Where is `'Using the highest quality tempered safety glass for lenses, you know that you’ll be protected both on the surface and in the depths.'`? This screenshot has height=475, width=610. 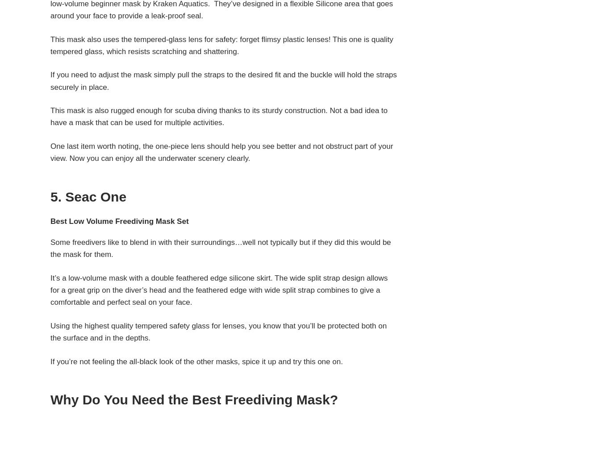 'Using the highest quality tempered safety glass for lenses, you know that you’ll be protected both on the surface and in the depths.' is located at coordinates (218, 331).